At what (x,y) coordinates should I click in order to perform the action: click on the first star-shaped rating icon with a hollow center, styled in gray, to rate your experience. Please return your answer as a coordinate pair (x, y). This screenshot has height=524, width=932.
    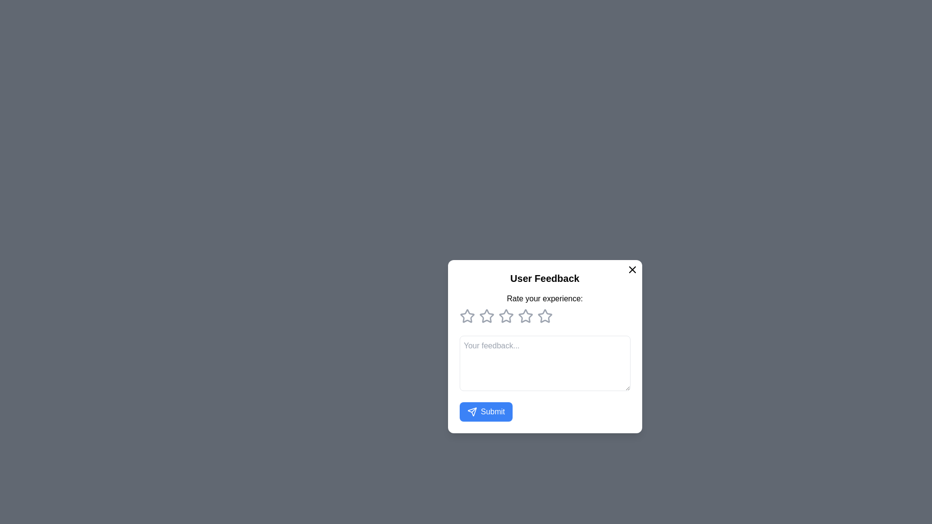
    Looking at the image, I should click on (467, 316).